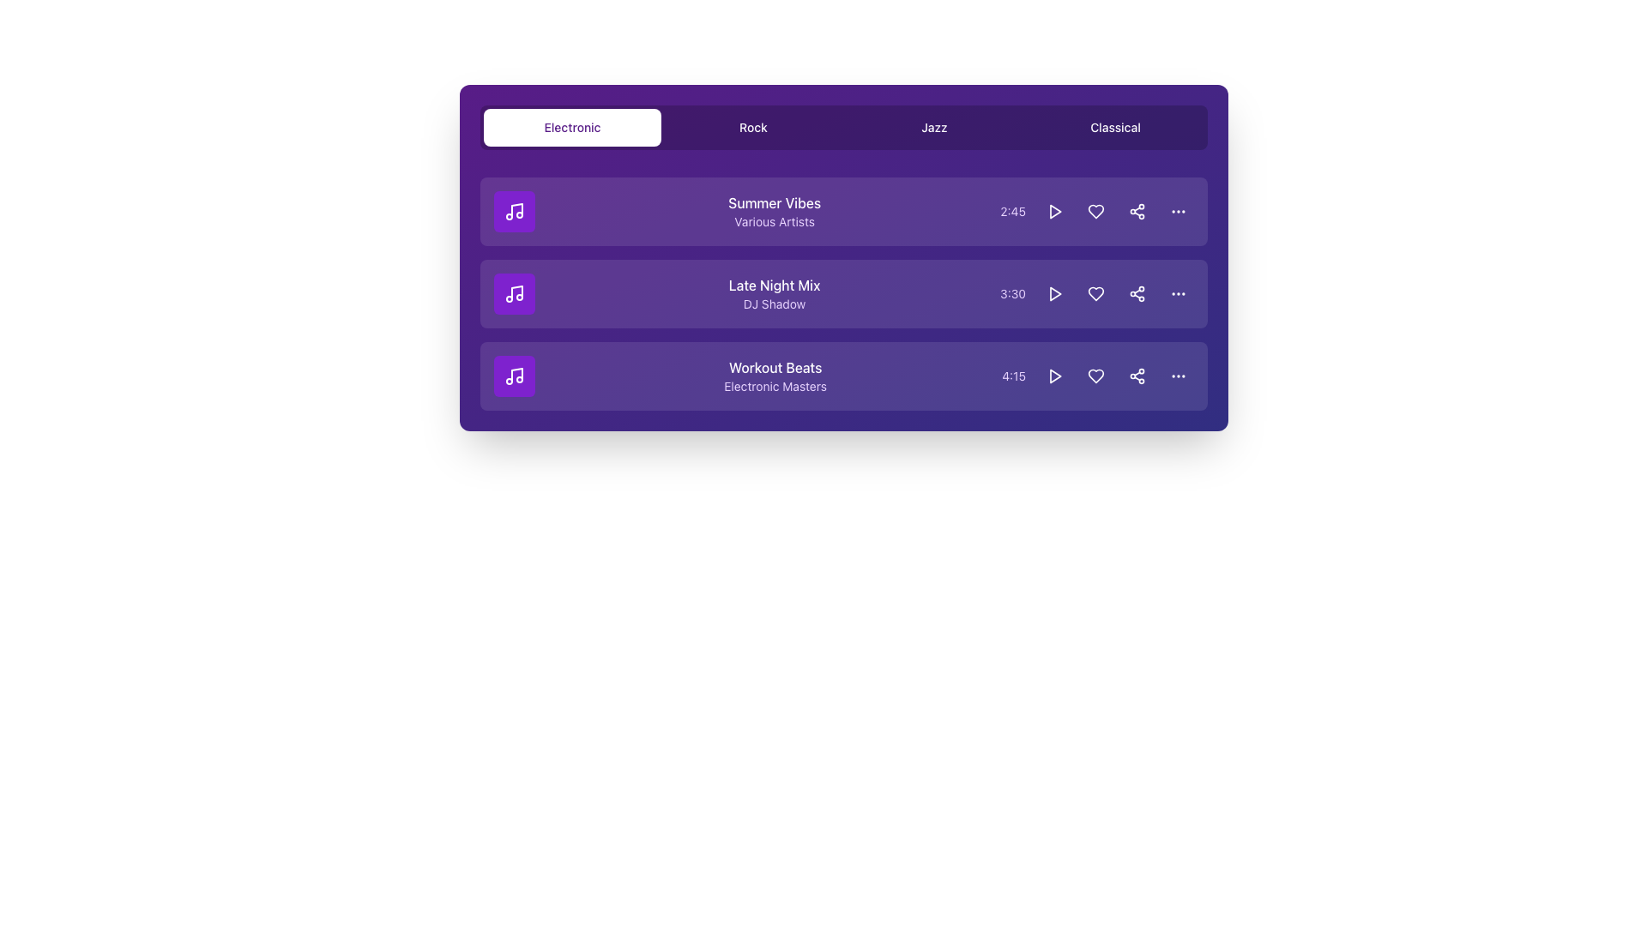 The image size is (1647, 926). Describe the element at coordinates (775, 387) in the screenshot. I see `displayed text of the artist or contributor for the track titled 'Workout Beats', located directly below the song title in the bottom-left quadrant of the list view` at that location.